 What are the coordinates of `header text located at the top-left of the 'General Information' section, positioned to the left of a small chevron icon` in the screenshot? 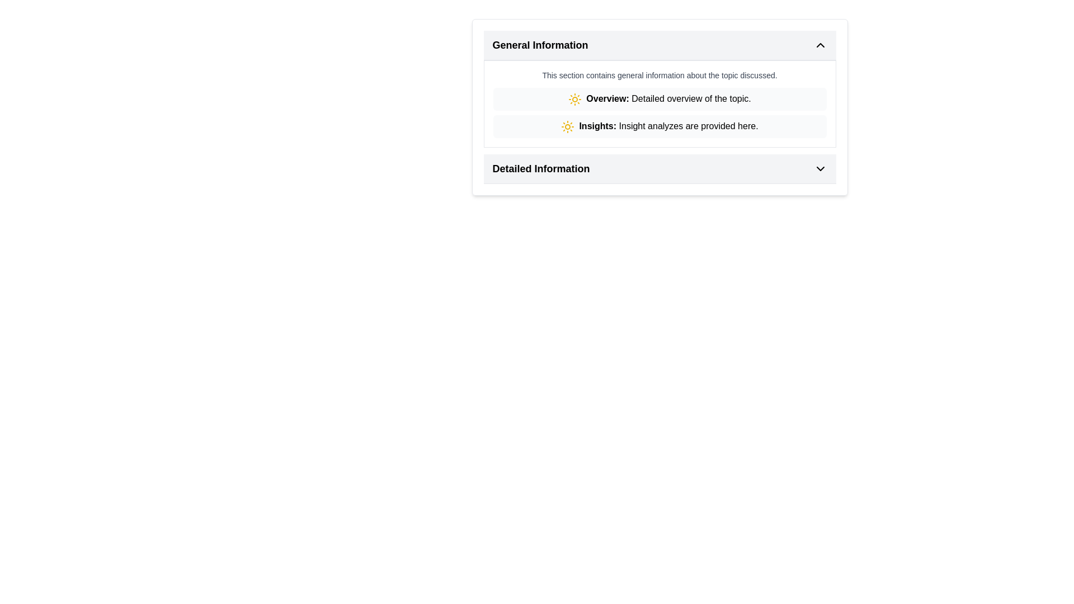 It's located at (540, 45).